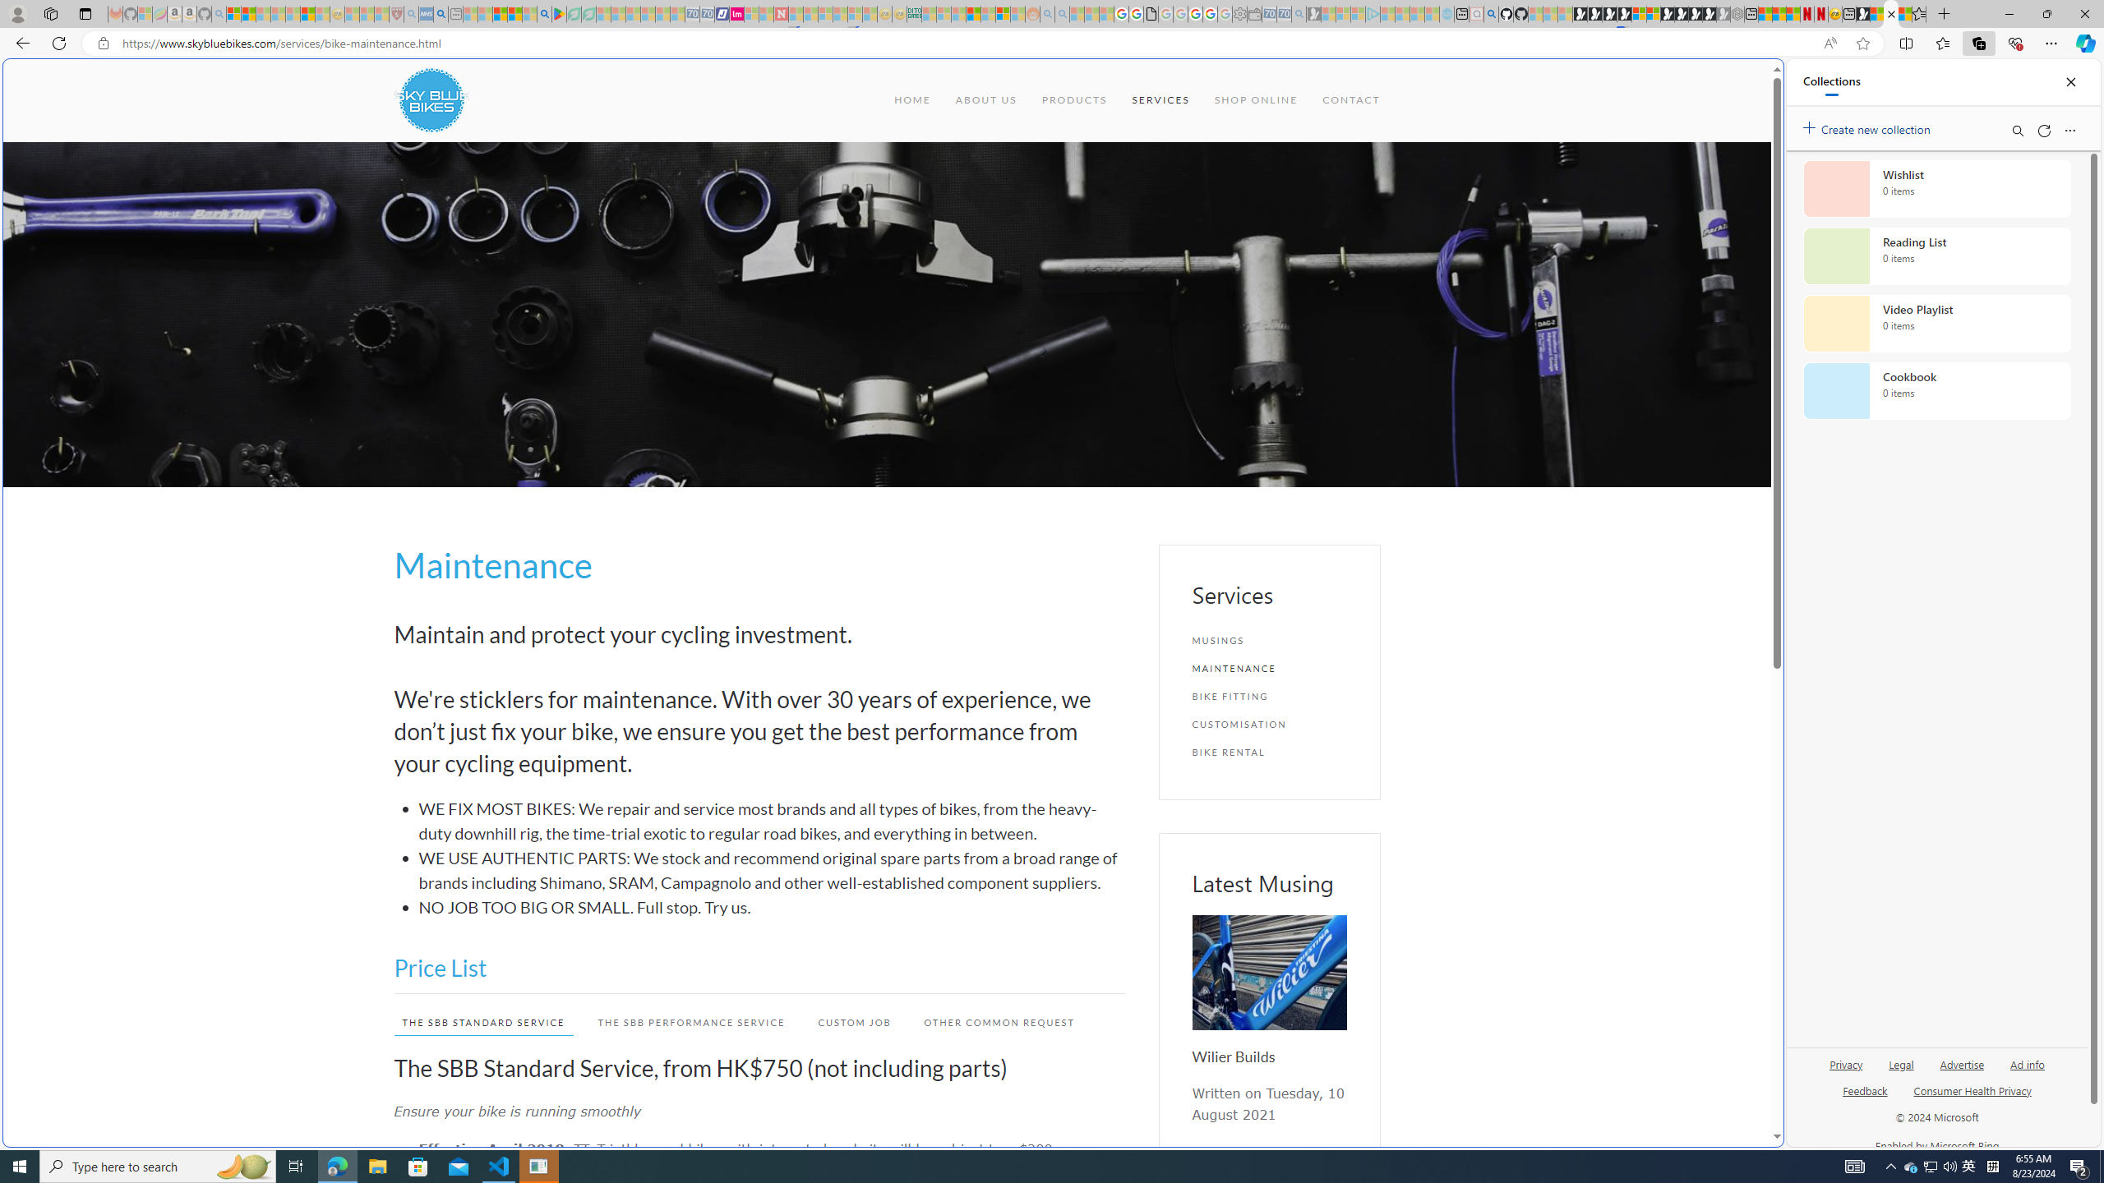  I want to click on 'MAINTENANCE', so click(1269, 667).